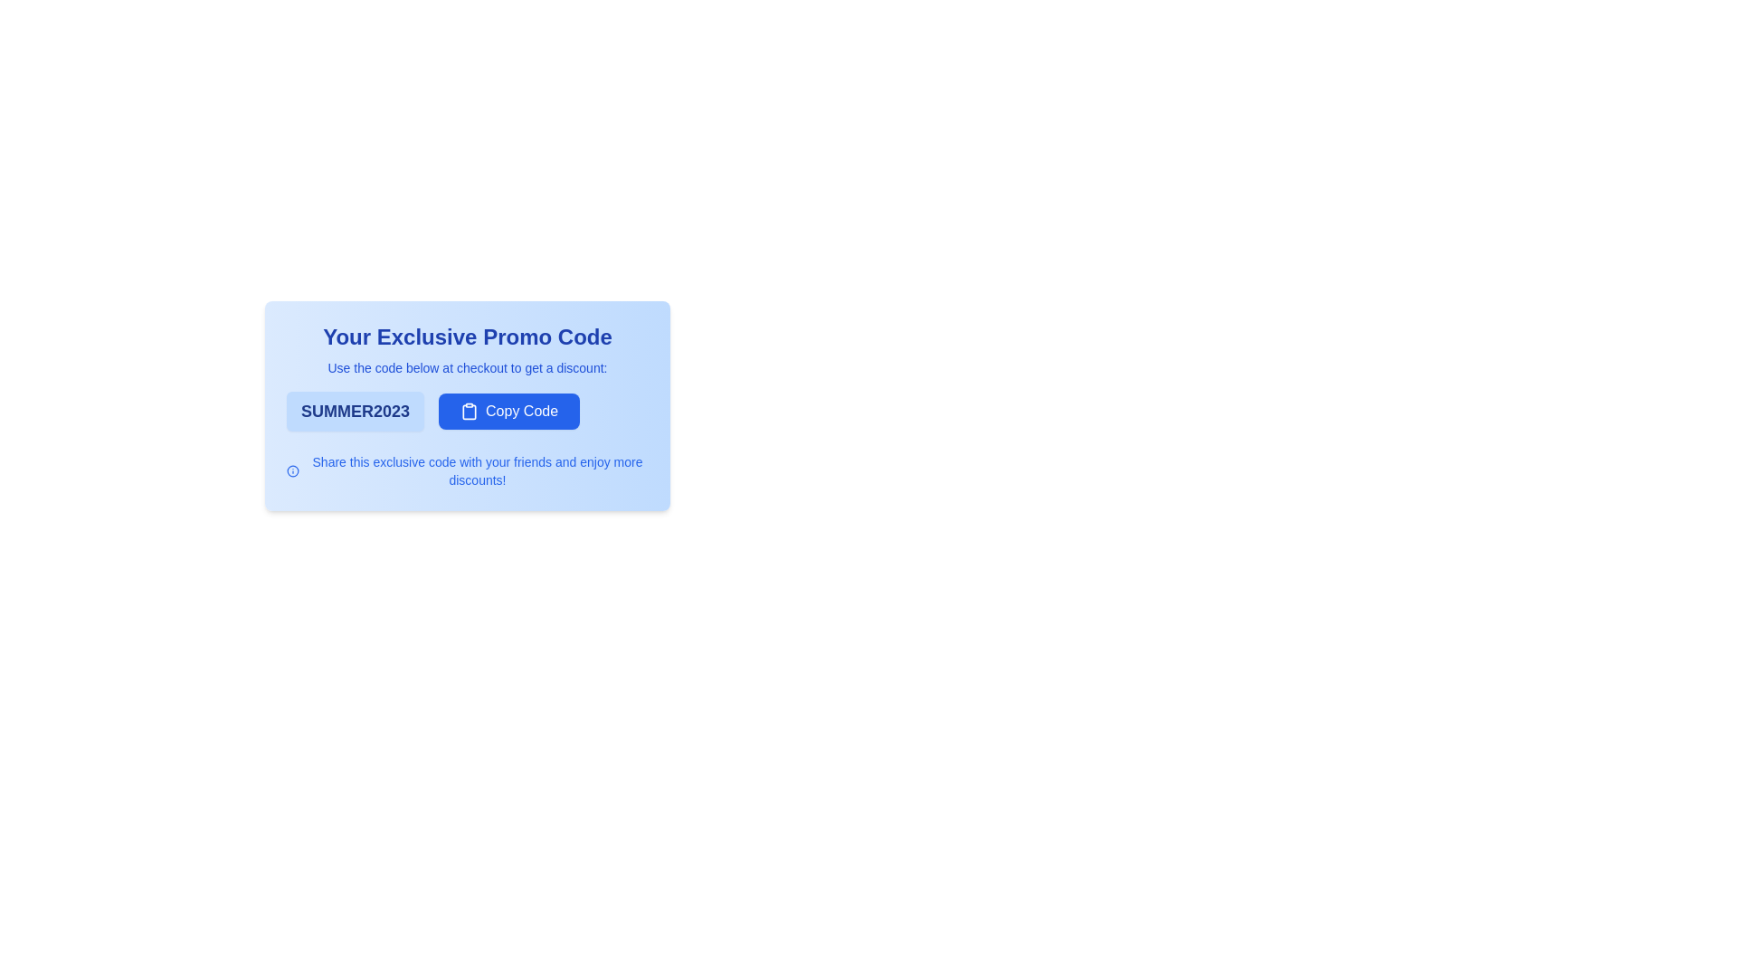  What do you see at coordinates (293, 470) in the screenshot?
I see `the information icon located at the beginning of the line that reads 'Share this exclusive code with your friends and enjoy more discounts!' at the bottom of the main promo card` at bounding box center [293, 470].